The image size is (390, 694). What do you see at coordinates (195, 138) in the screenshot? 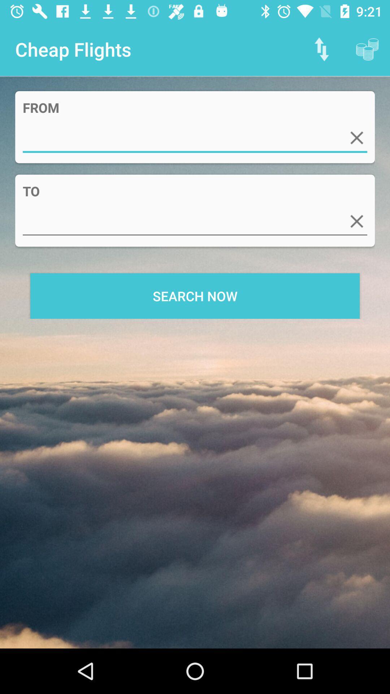
I see `the icon below from item` at bounding box center [195, 138].